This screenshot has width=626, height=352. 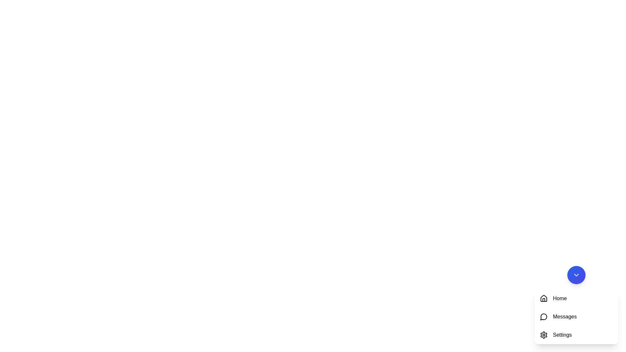 What do you see at coordinates (562, 335) in the screenshot?
I see `the 'Settings' text label located at the bottom right corner of the interface` at bounding box center [562, 335].